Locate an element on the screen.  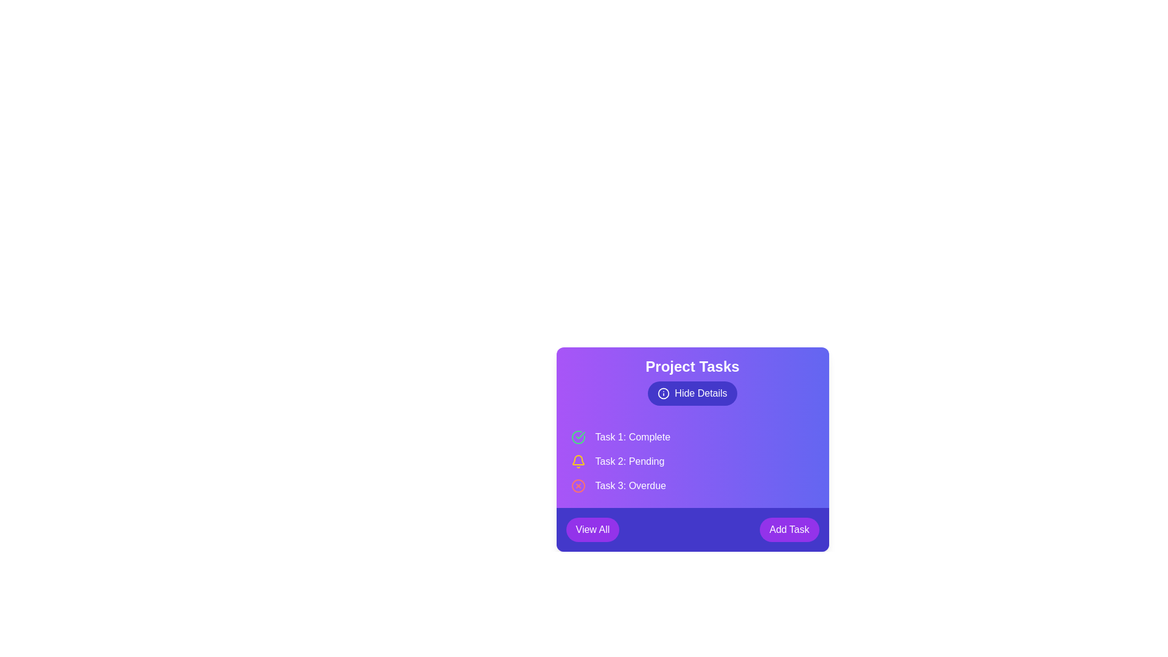
the Text Label displaying 'Task 3: Overdue' in white font, which is the third item in the vertical list of tasks within the purple-gradient card titled 'Project Tasks' is located at coordinates (630, 485).